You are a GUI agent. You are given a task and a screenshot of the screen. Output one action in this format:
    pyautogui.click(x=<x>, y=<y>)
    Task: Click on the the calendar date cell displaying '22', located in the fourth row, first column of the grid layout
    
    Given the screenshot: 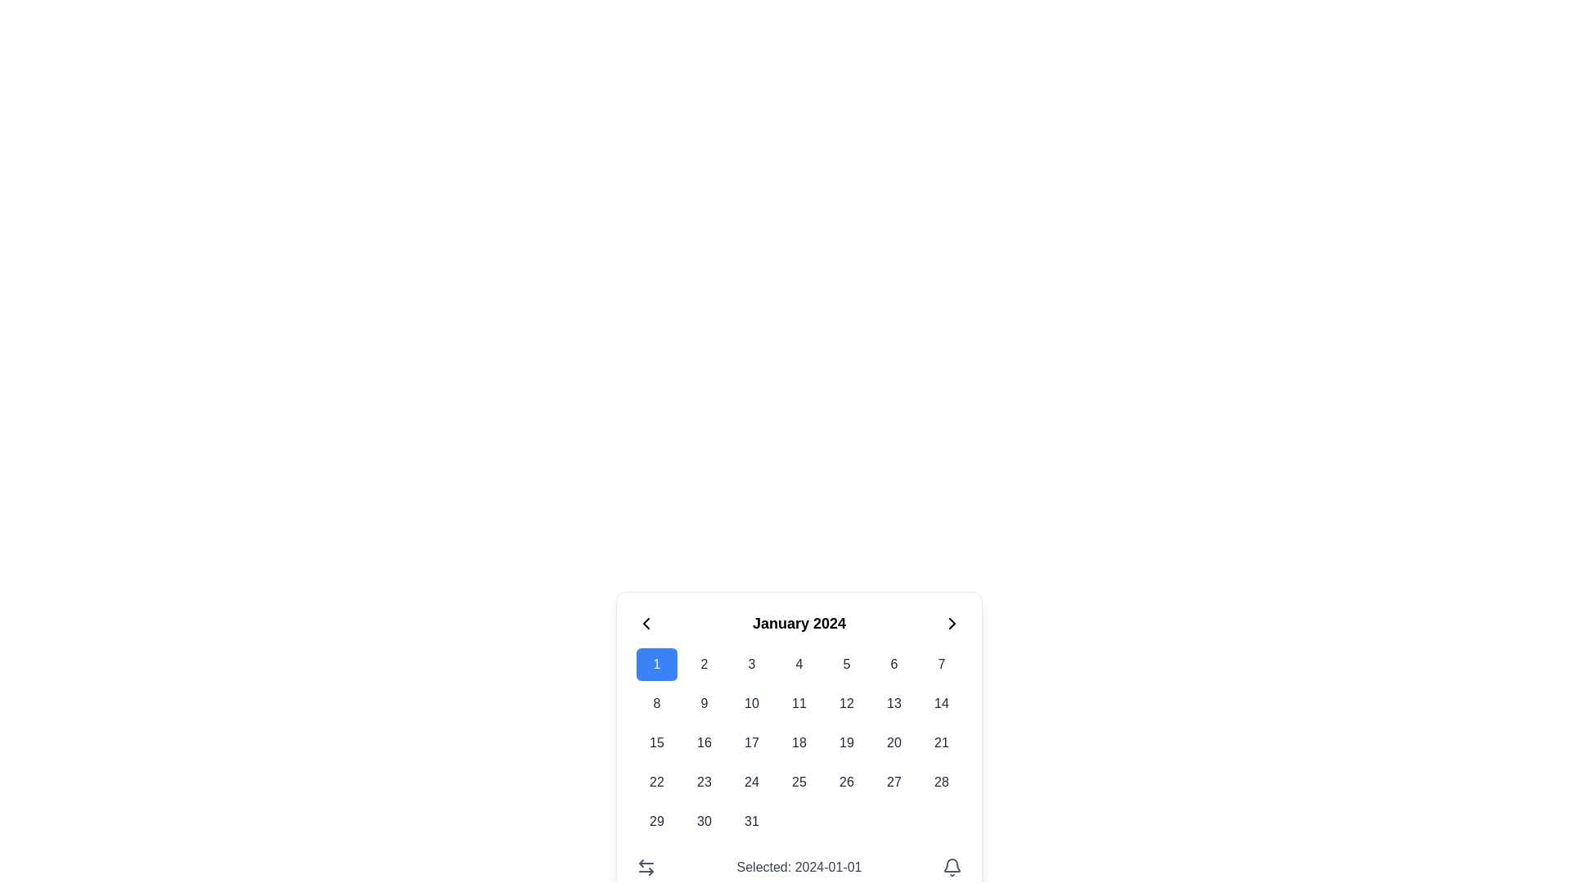 What is the action you would take?
    pyautogui.click(x=656, y=782)
    